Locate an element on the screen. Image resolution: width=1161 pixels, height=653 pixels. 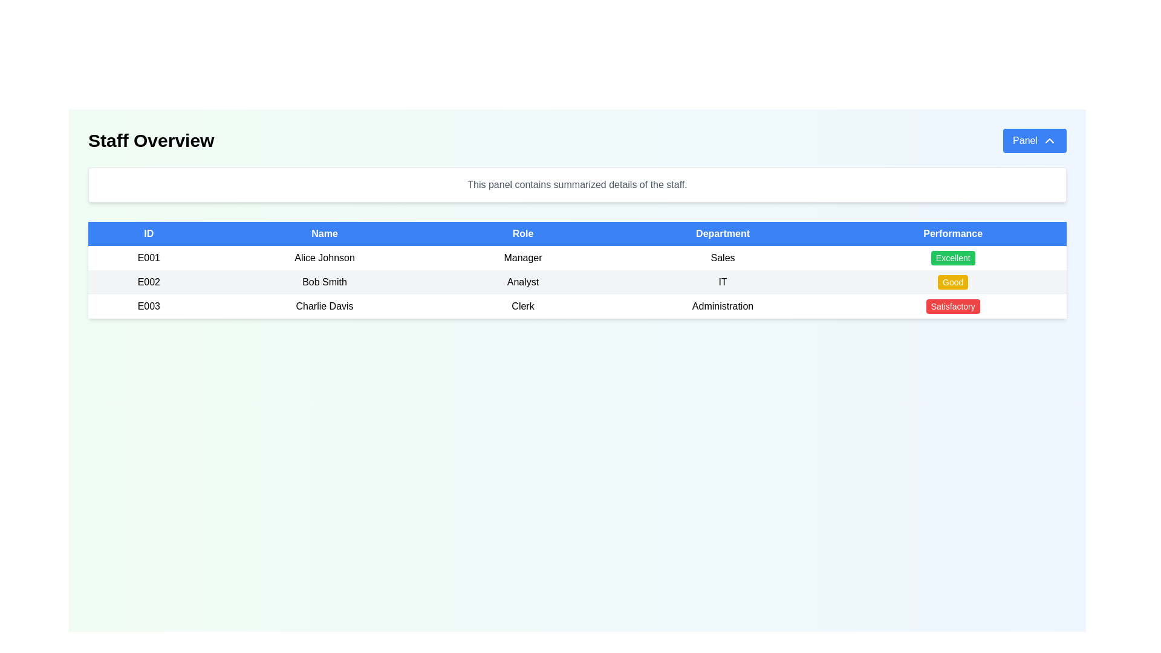
information displayed in the 'Sales' label, which is located in the 'Department' column of the table for the row labeled 'E001' associated with 'Alice Johnson' is located at coordinates (723, 258).